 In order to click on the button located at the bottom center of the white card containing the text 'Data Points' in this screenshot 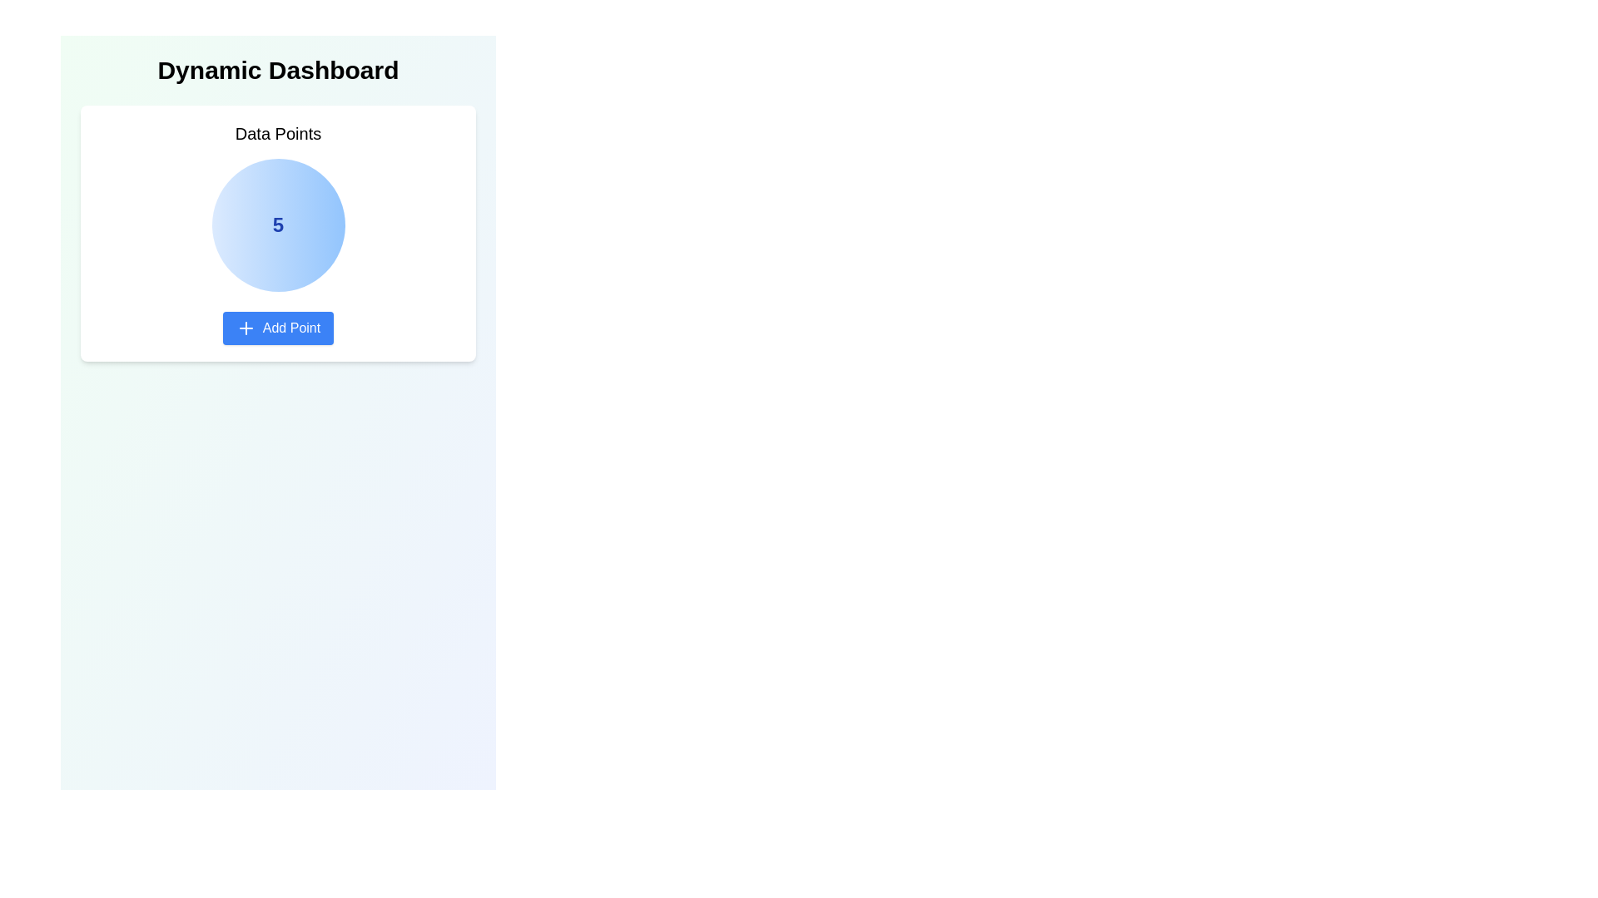, I will do `click(278, 328)`.